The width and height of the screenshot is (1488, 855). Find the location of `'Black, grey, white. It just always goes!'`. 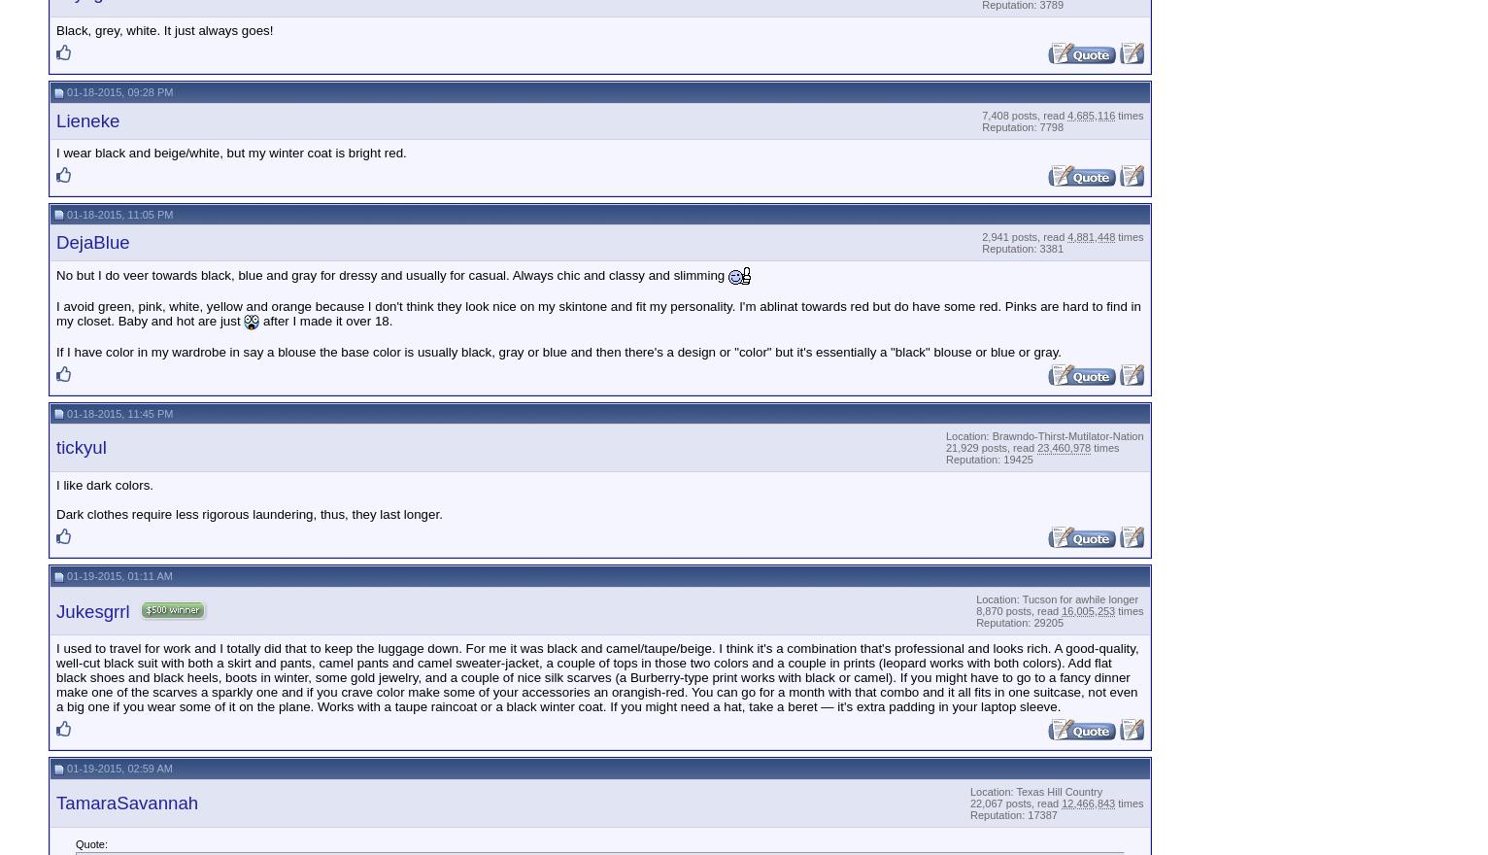

'Black, grey, white. It just always goes!' is located at coordinates (56, 29).